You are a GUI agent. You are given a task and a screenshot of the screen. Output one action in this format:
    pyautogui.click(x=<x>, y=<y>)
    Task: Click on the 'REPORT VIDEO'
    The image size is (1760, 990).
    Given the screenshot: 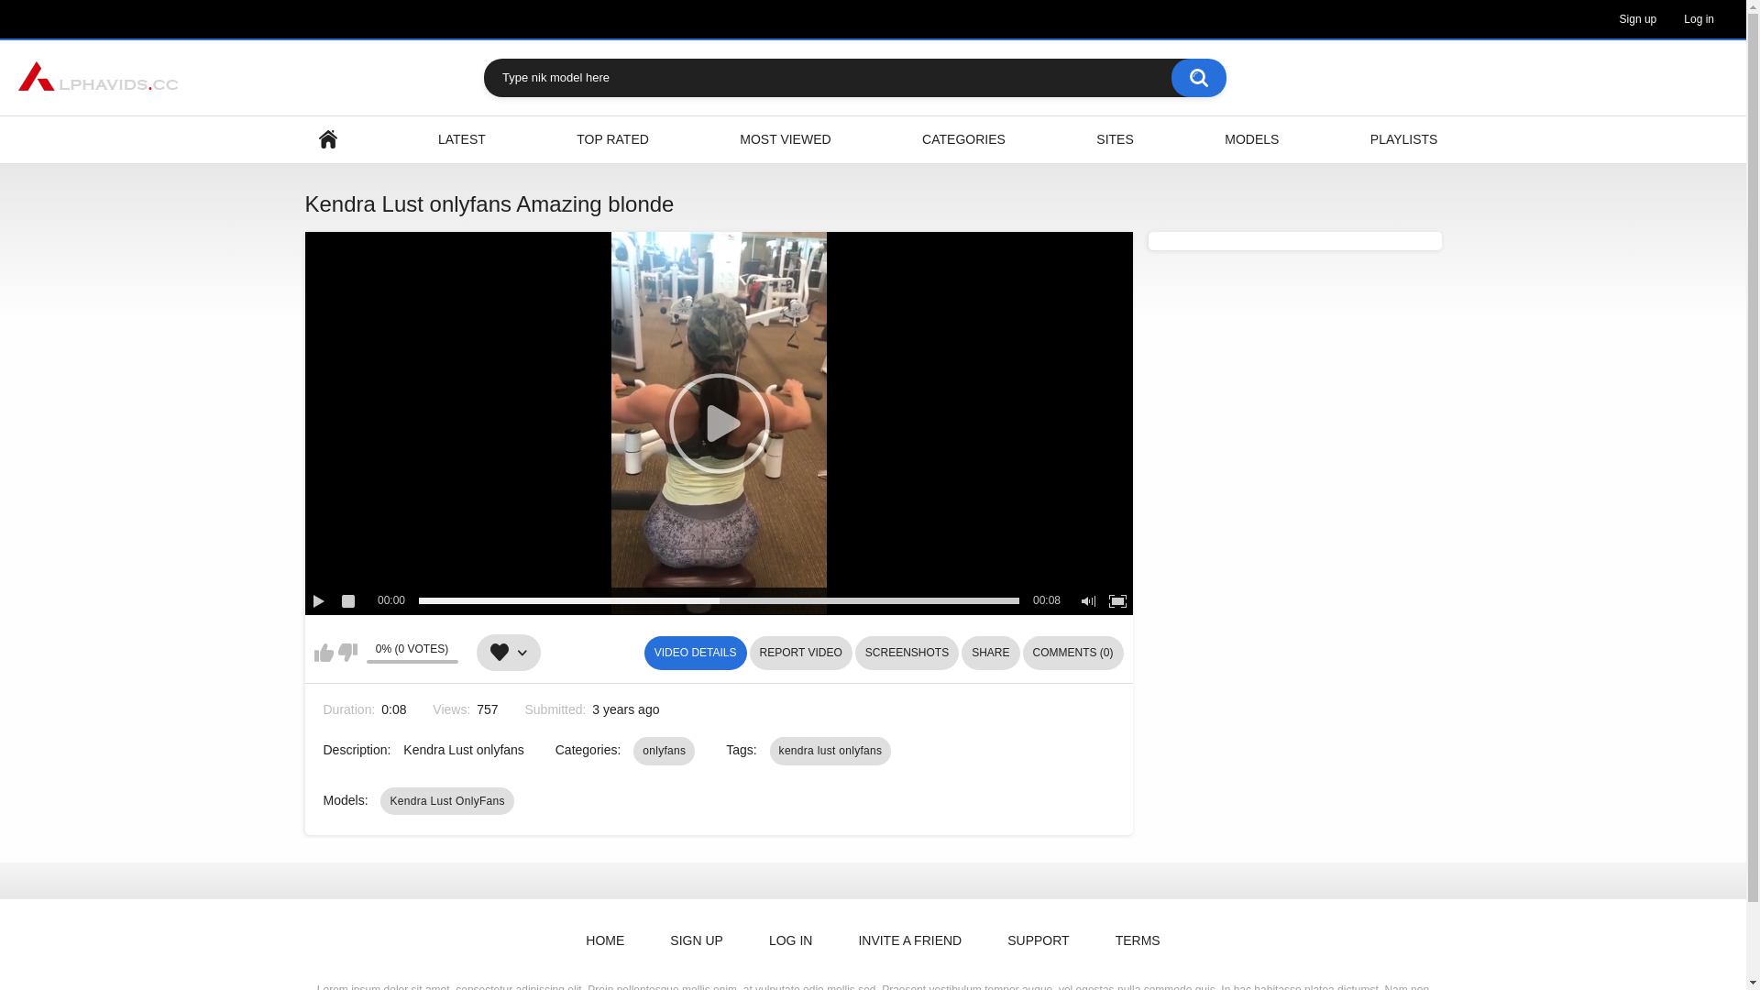 What is the action you would take?
    pyautogui.click(x=800, y=652)
    